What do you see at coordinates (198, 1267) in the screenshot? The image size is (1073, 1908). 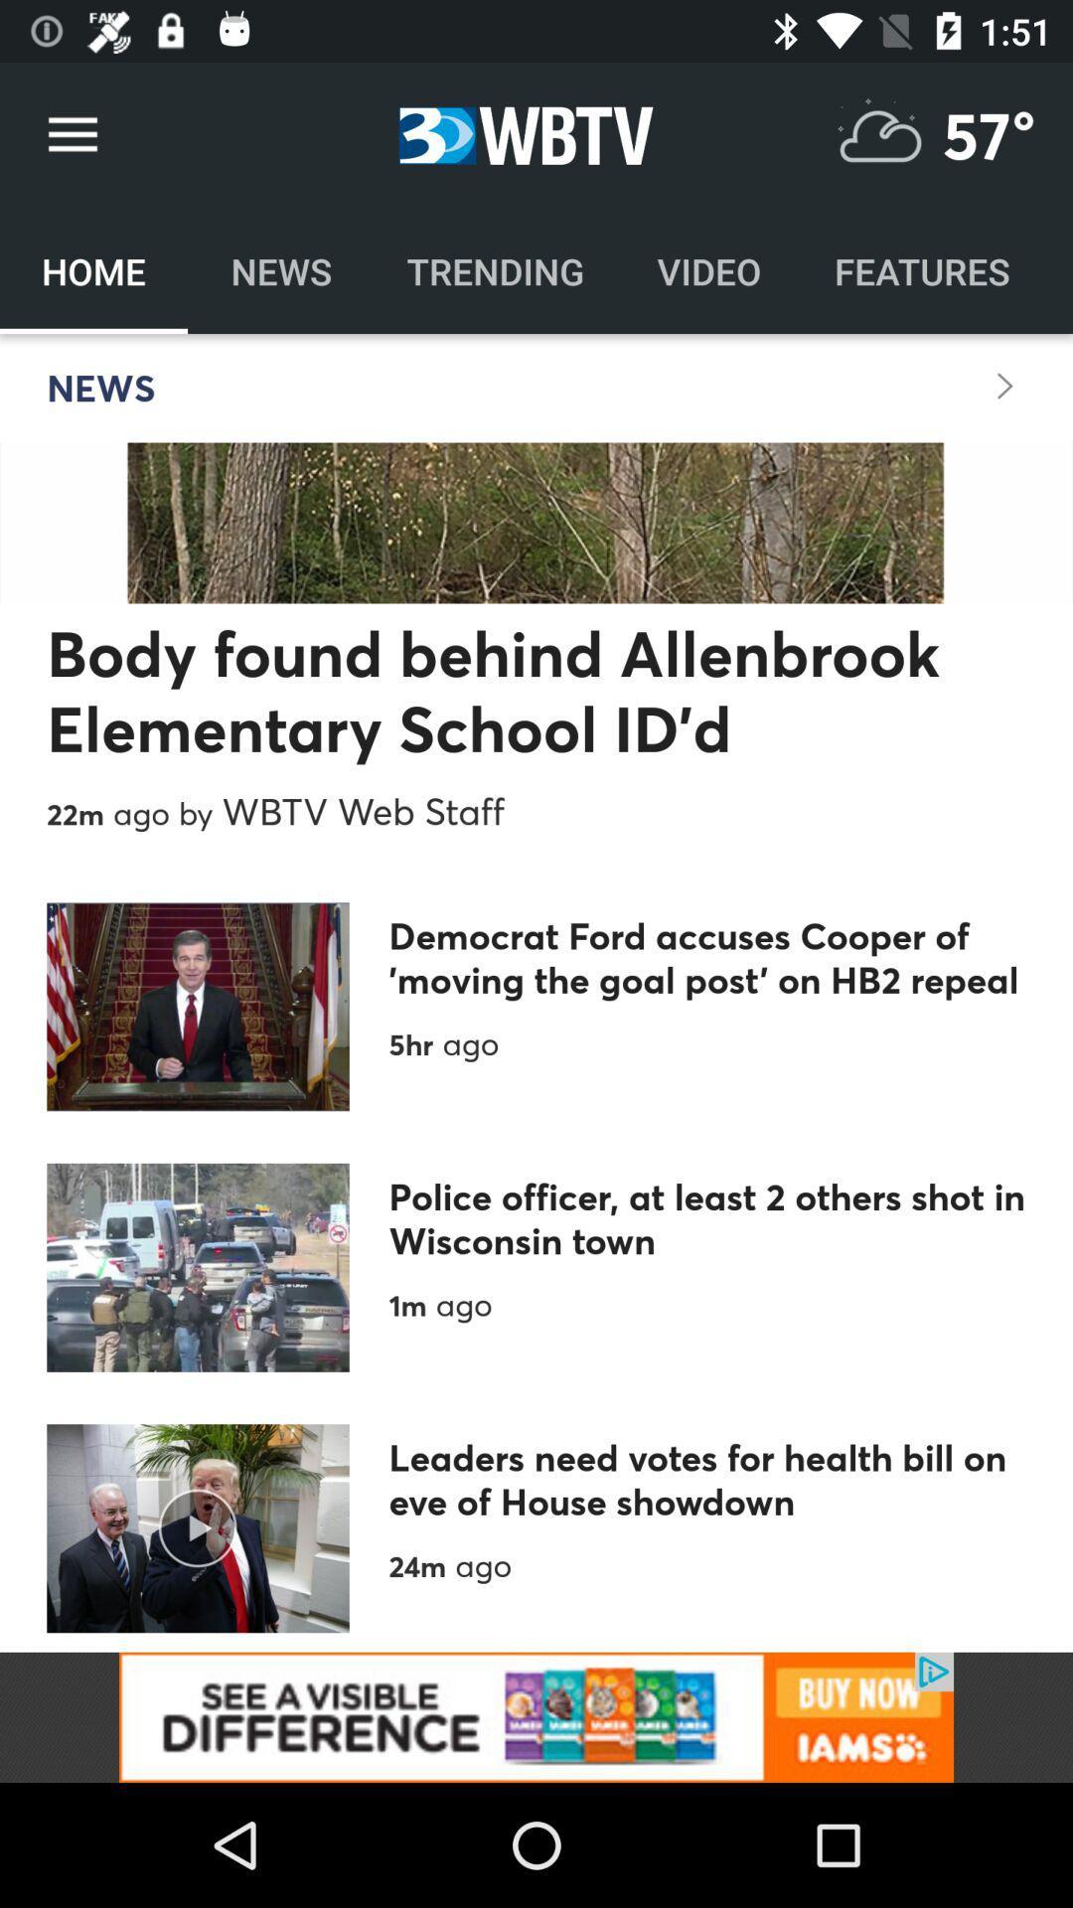 I see `the second image from top` at bounding box center [198, 1267].